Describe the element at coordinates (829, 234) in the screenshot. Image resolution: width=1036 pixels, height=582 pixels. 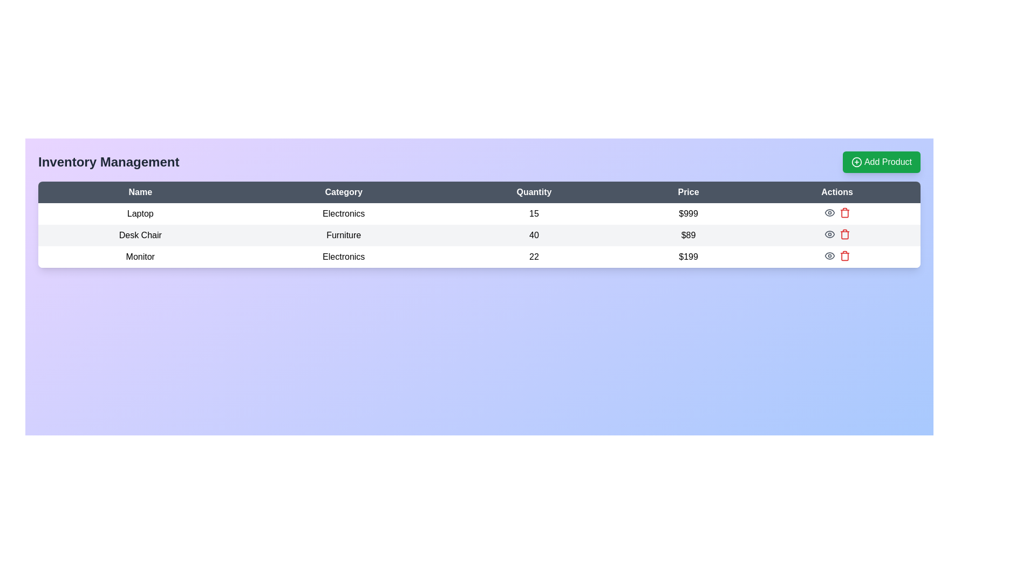
I see `the Eye Symbol icon in the Actions column` at that location.